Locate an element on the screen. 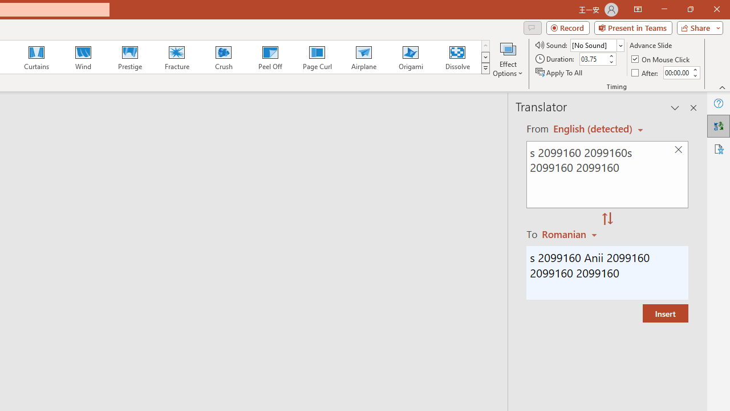 The height and width of the screenshot is (411, 730). 'Fracture' is located at coordinates (176, 57).